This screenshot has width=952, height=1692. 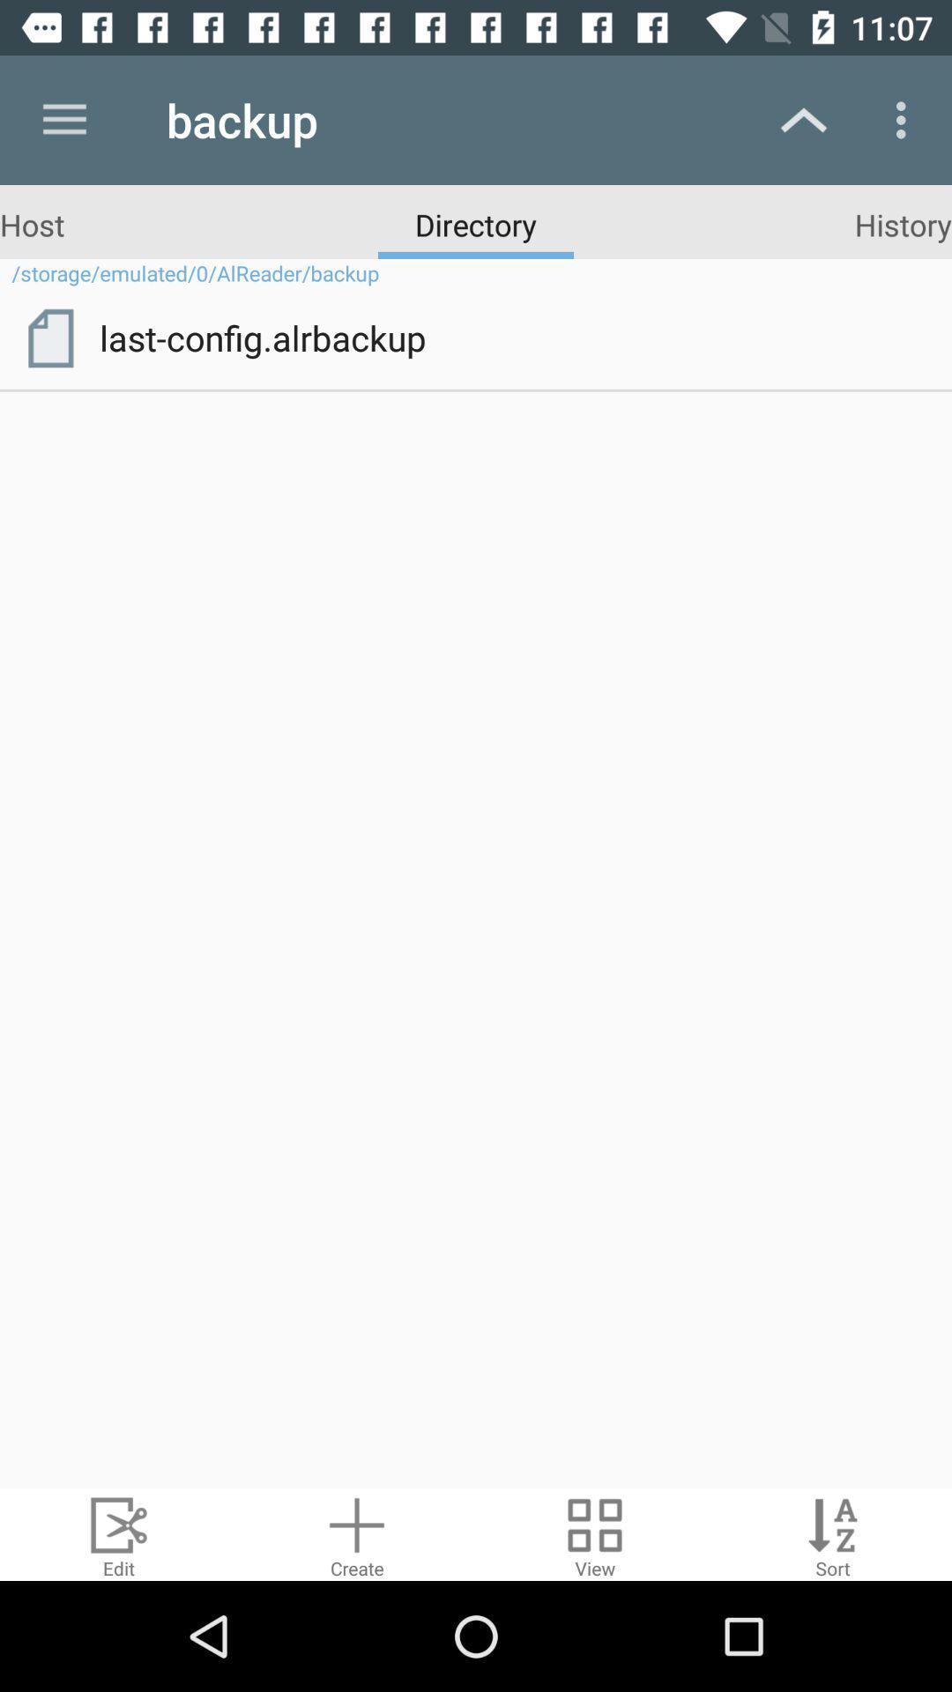 What do you see at coordinates (63, 119) in the screenshot?
I see `item to the left of backup` at bounding box center [63, 119].